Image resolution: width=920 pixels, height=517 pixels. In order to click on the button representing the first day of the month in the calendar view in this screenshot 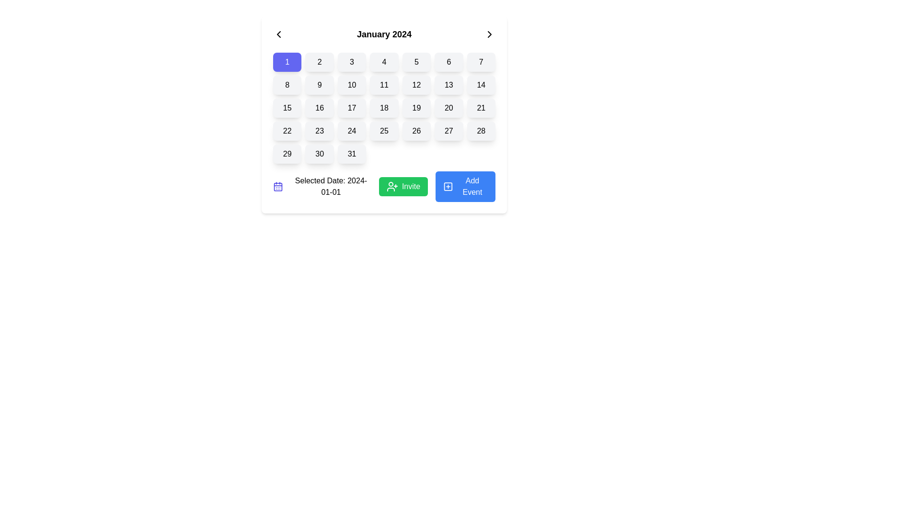, I will do `click(287, 62)`.